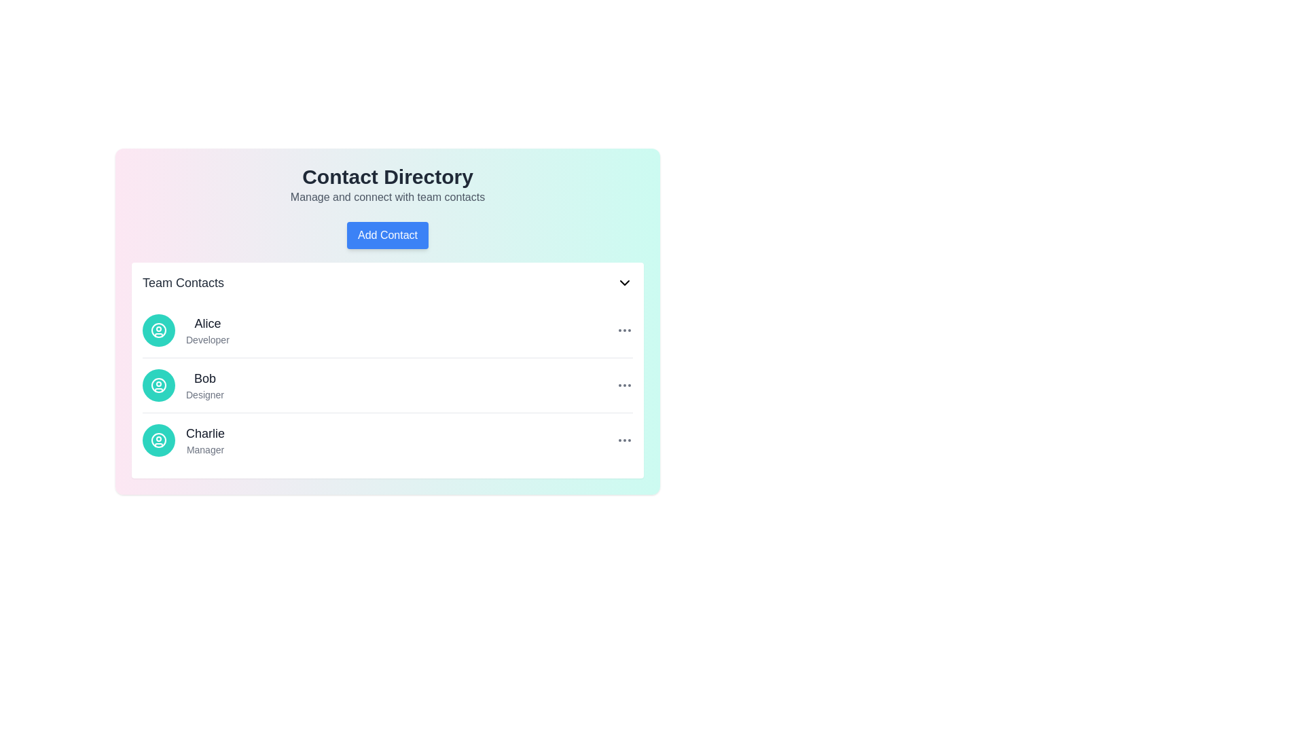 Image resolution: width=1304 pixels, height=733 pixels. What do you see at coordinates (159, 385) in the screenshot?
I see `the contact avatar icon representing 'Bob', which is the second icon in the list of user details` at bounding box center [159, 385].